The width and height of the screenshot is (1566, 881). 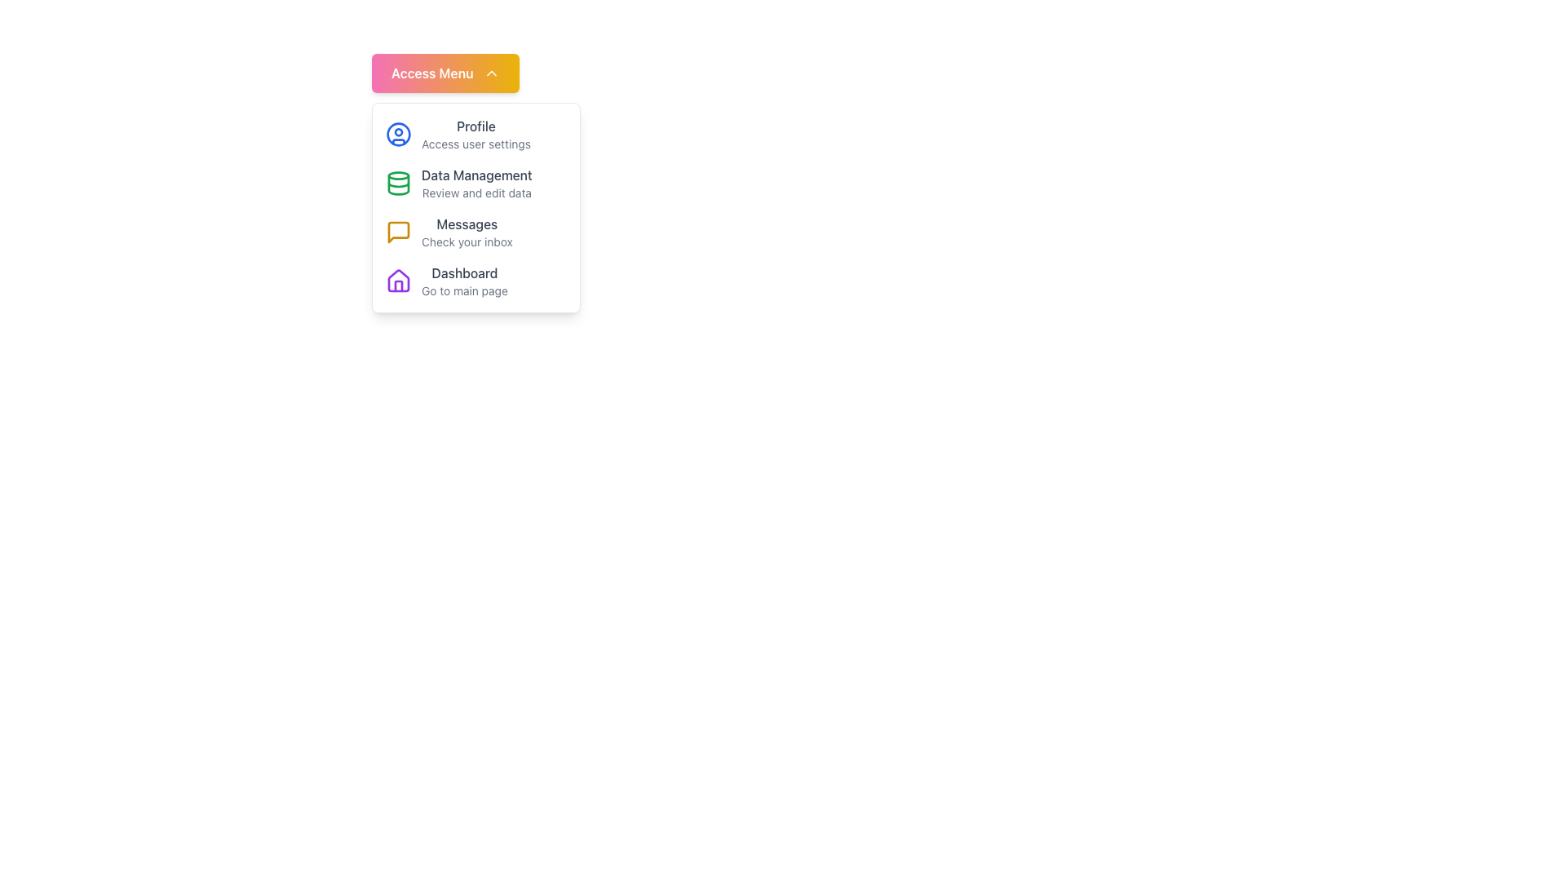 What do you see at coordinates (399, 175) in the screenshot?
I see `the decorative ellipse within the database icon located in the 'Data Management' menu item` at bounding box center [399, 175].